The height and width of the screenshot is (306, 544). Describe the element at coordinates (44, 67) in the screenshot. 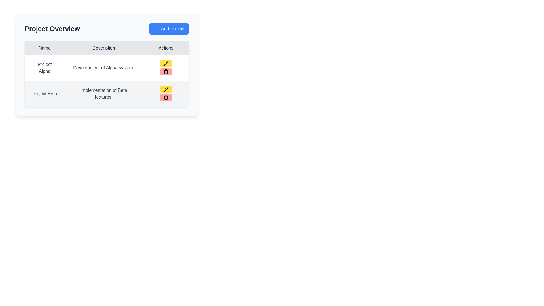

I see `the text label displaying 'Project Alpha' which is styled in gray text under the 'Name' column in a table layout` at that location.